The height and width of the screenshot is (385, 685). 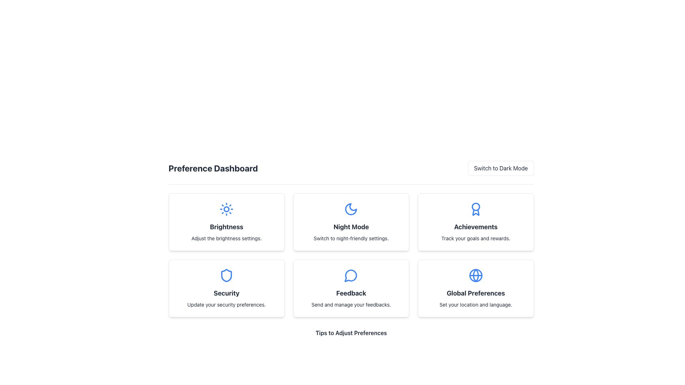 I want to click on the blue globe icon in the 'Global Preferences' card, which is centrally aligned above the header text 'Global Preferences', so click(x=476, y=275).